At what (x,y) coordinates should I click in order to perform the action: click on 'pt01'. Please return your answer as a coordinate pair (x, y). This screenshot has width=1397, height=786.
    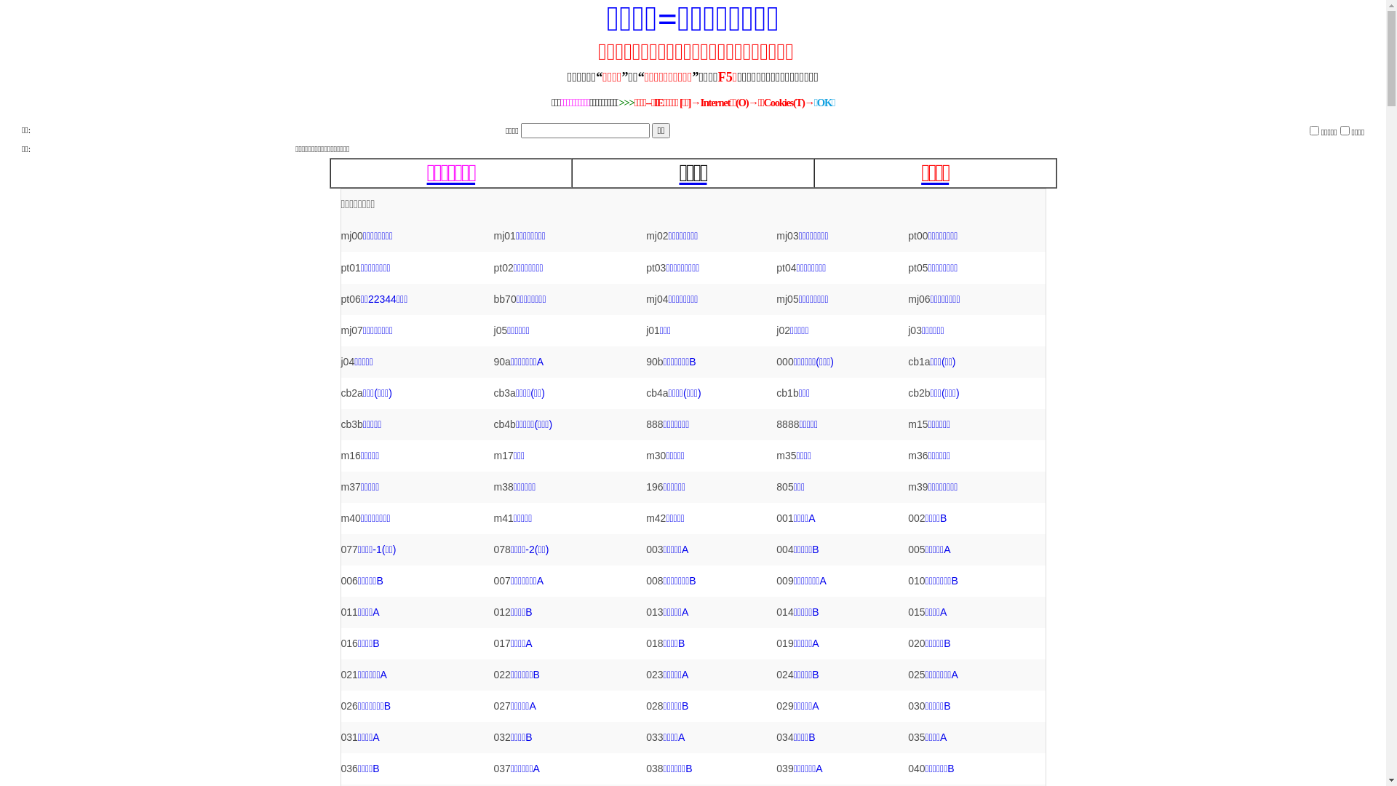
    Looking at the image, I should click on (339, 267).